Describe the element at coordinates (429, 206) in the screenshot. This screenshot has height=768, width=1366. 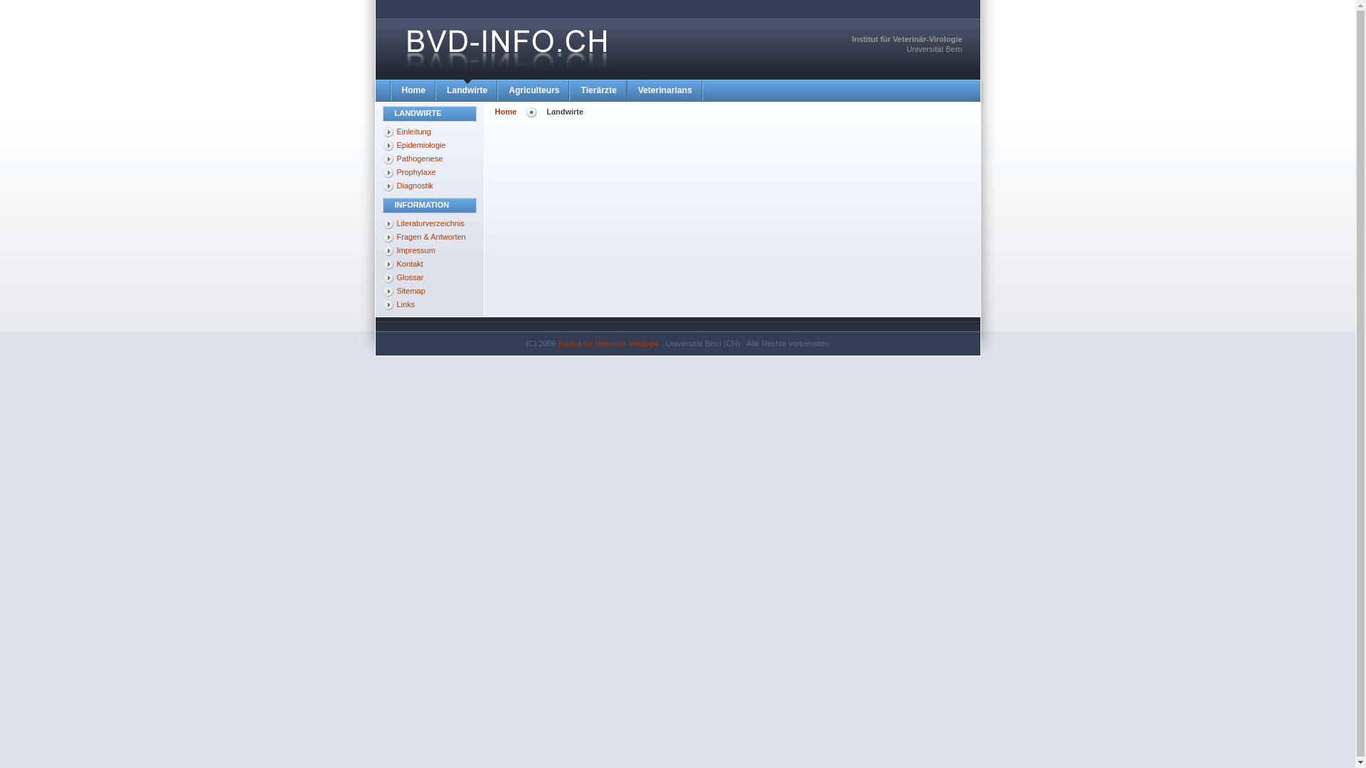
I see `'INFORMATION'` at that location.